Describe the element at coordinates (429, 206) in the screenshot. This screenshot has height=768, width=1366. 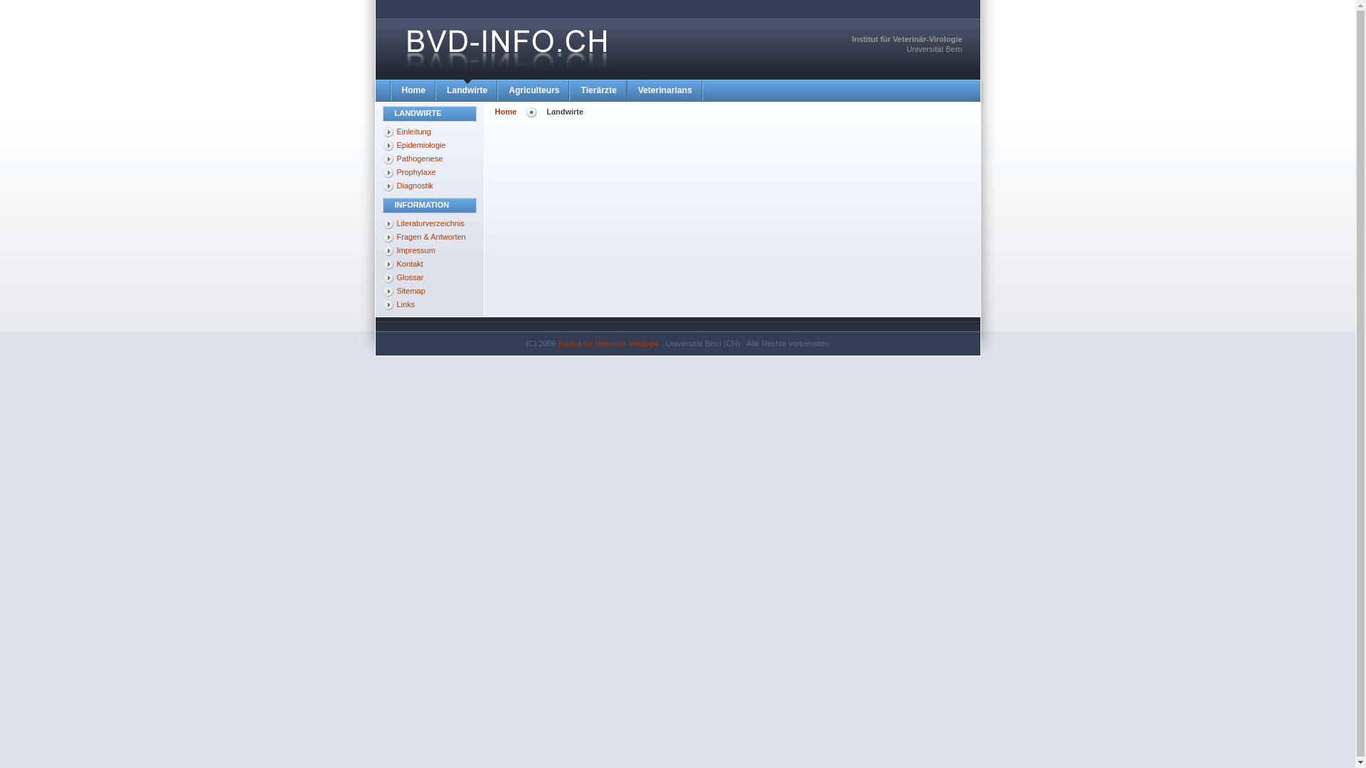
I see `'INFORMATION'` at that location.